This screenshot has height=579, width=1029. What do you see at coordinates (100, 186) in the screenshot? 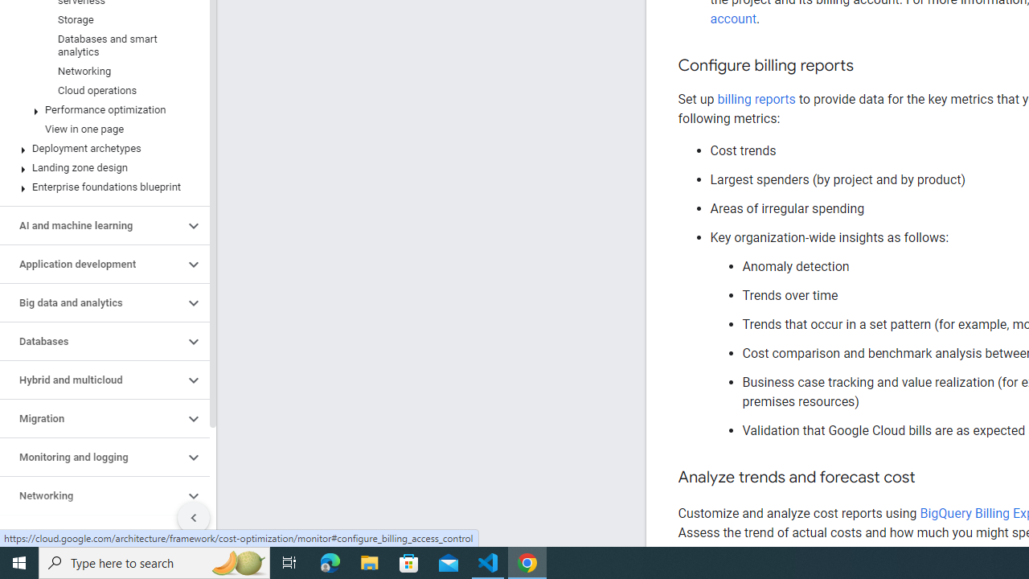
I see `'Enterprise foundations blueprint'` at bounding box center [100, 186].